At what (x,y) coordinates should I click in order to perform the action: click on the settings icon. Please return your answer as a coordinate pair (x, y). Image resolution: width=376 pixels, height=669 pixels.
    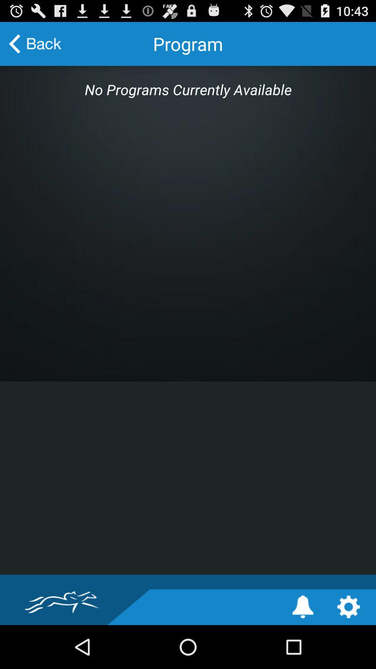
    Looking at the image, I should click on (348, 649).